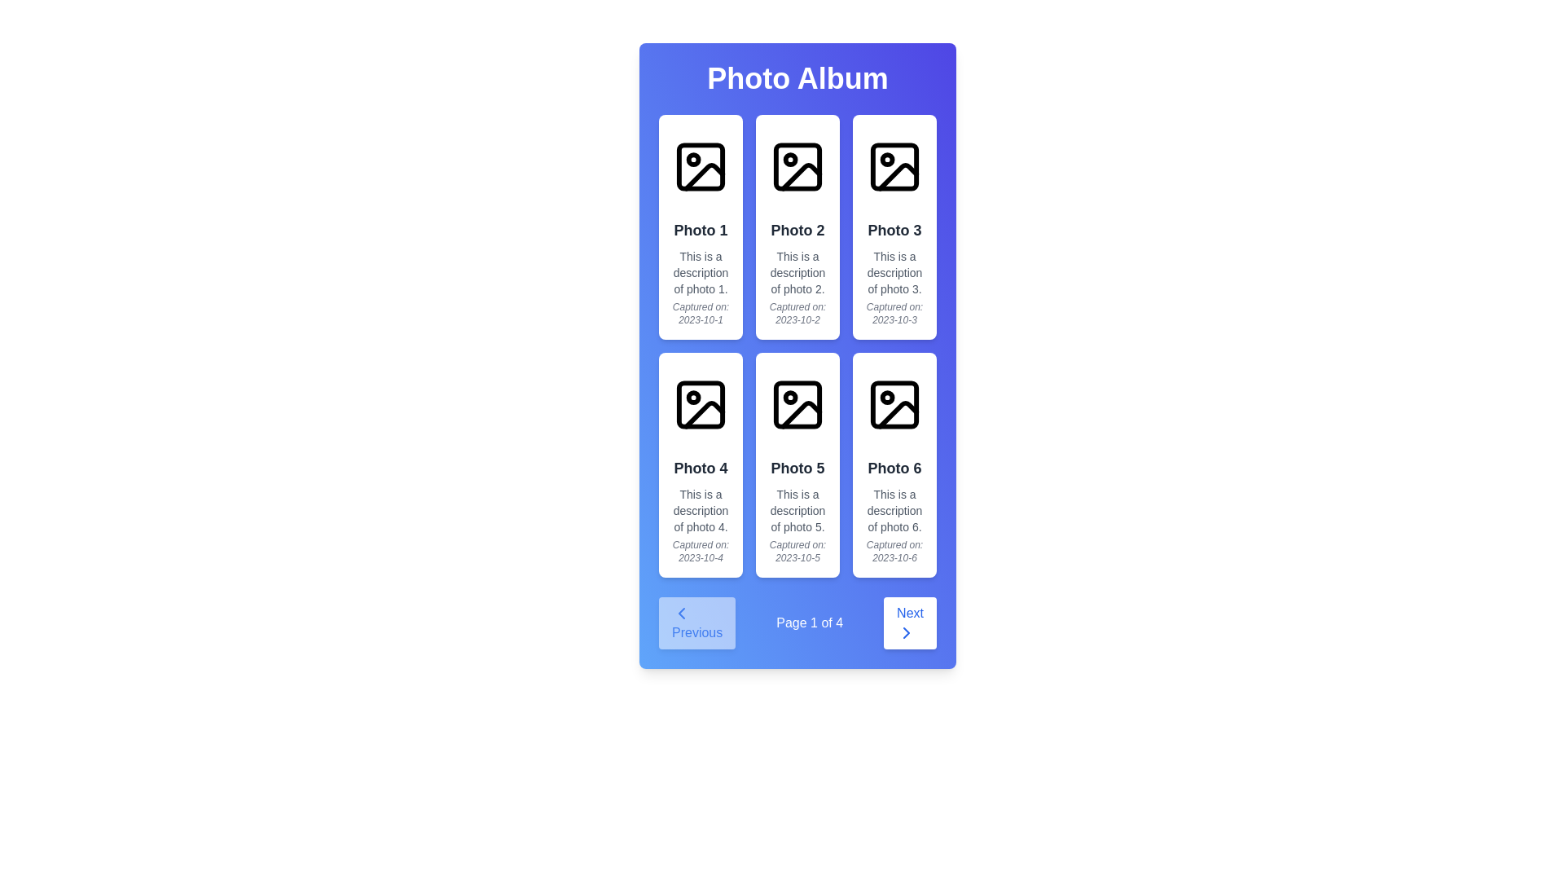 The height and width of the screenshot is (880, 1564). Describe the element at coordinates (701, 468) in the screenshot. I see `the static text label element displaying the title 'Photo 4', which is styled with a larger font size and bold weight, located within the fourth card of a grid` at that location.